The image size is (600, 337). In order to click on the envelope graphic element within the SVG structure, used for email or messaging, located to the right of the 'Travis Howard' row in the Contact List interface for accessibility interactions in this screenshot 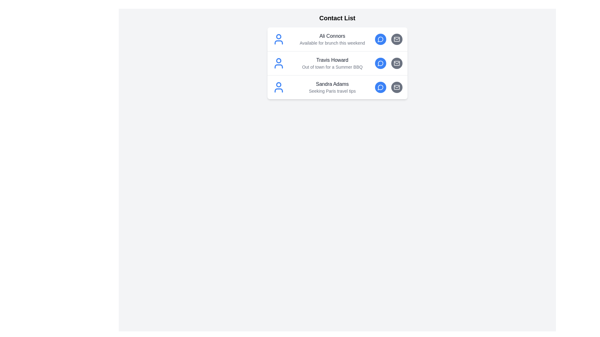, I will do `click(396, 39)`.